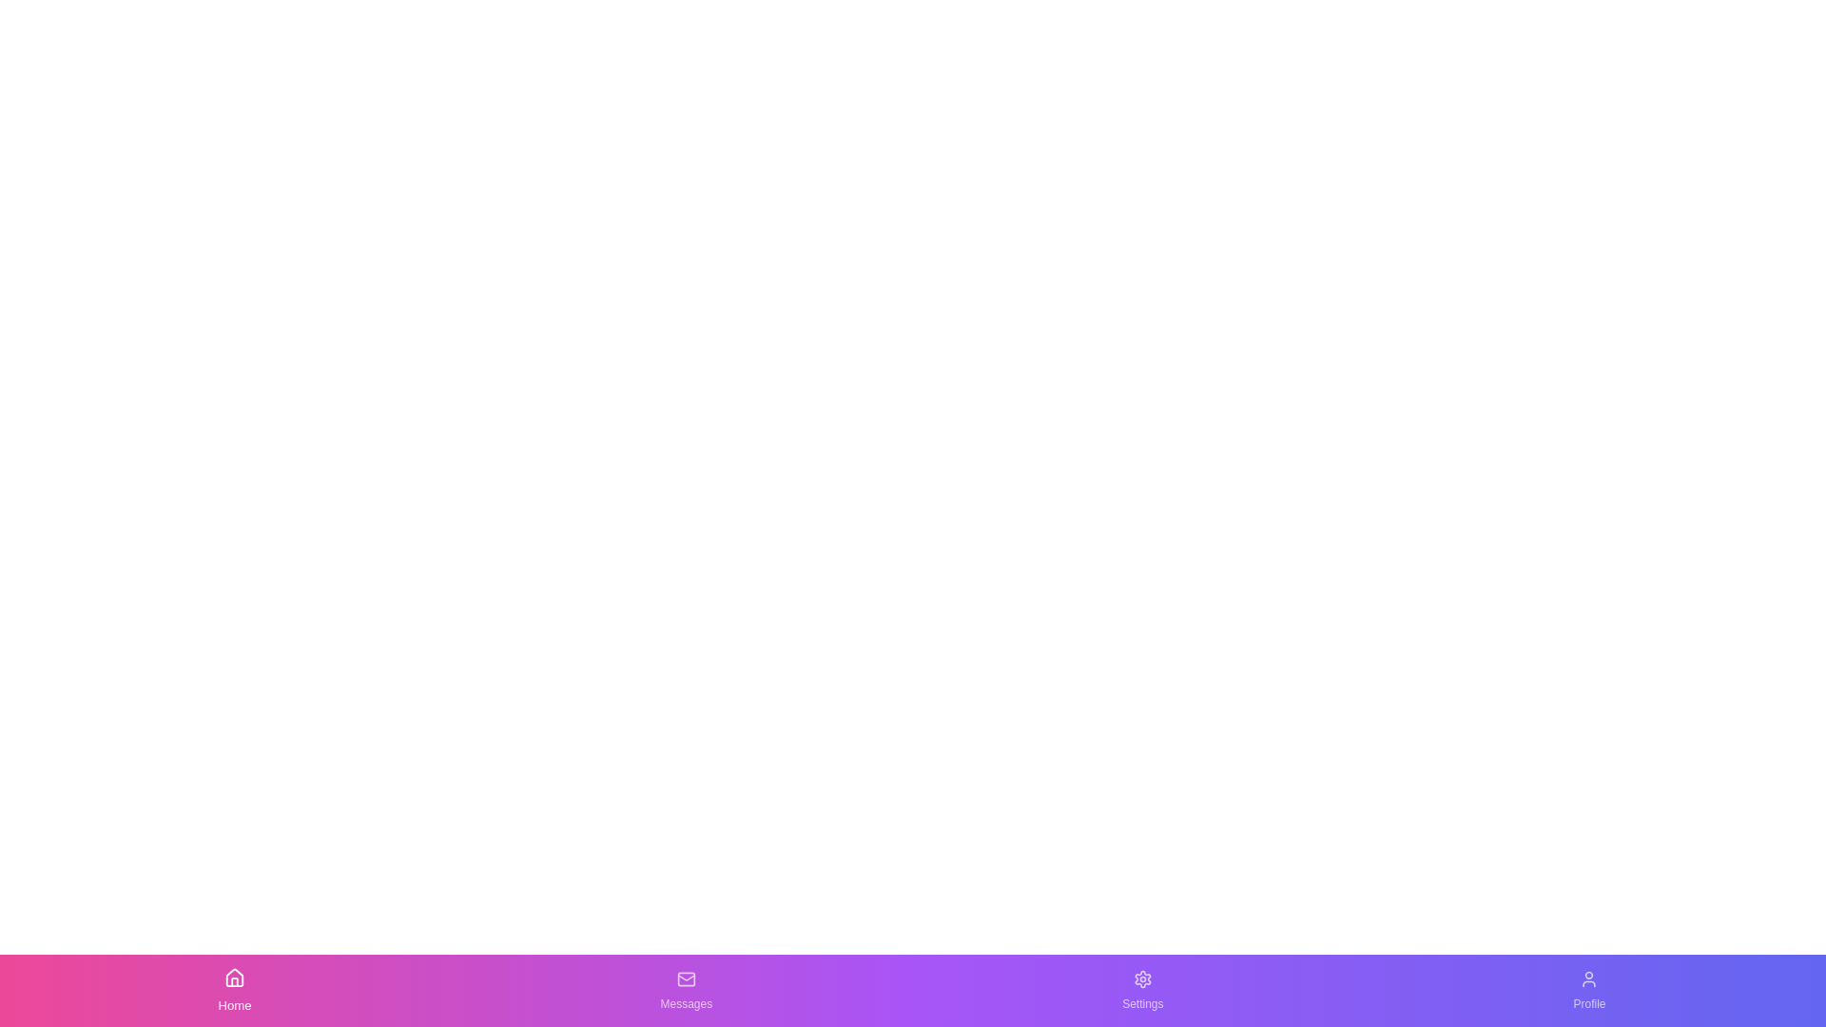 This screenshot has width=1826, height=1027. Describe the element at coordinates (685, 989) in the screenshot. I see `the Messages button in the bottom navigation bar` at that location.